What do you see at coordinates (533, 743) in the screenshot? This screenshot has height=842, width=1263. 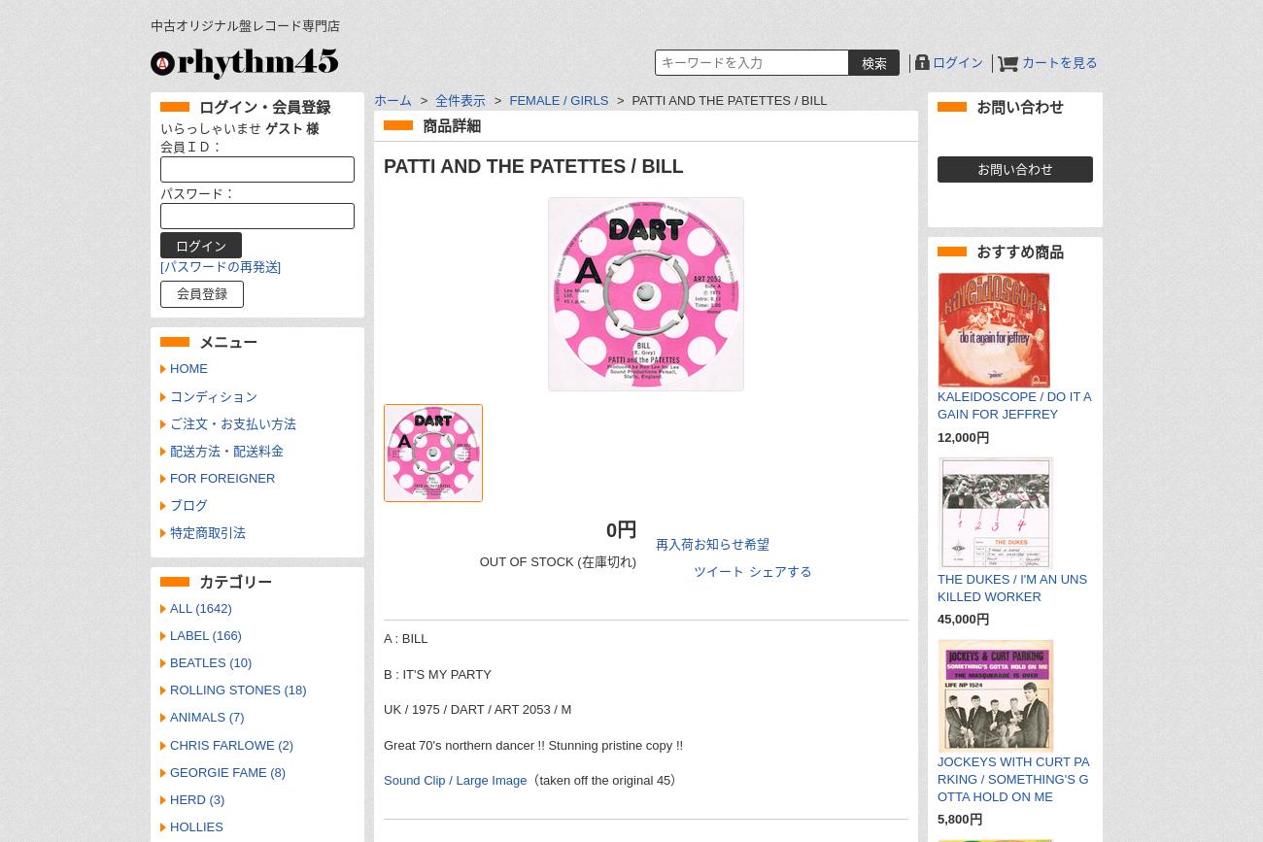 I see `'Great 70's northern dancer !! Stunning pristine copy !!'` at bounding box center [533, 743].